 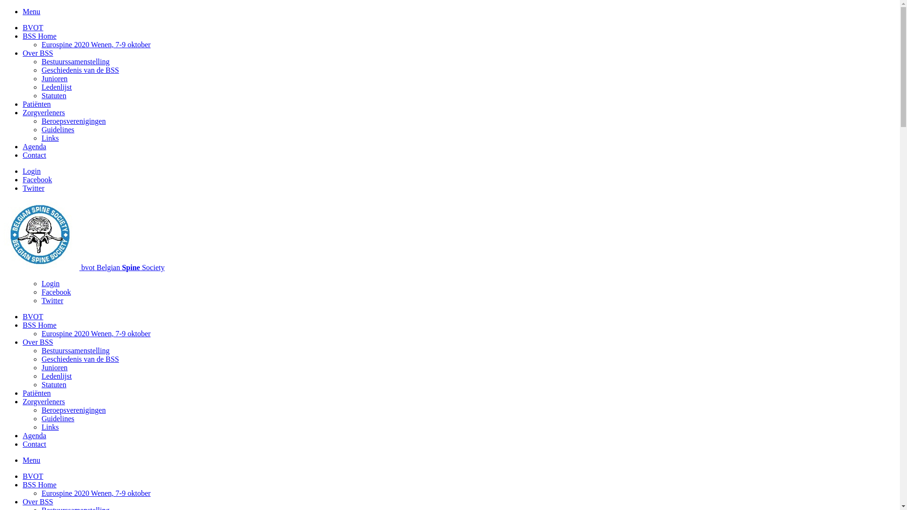 What do you see at coordinates (54, 78) in the screenshot?
I see `'Junioren'` at bounding box center [54, 78].